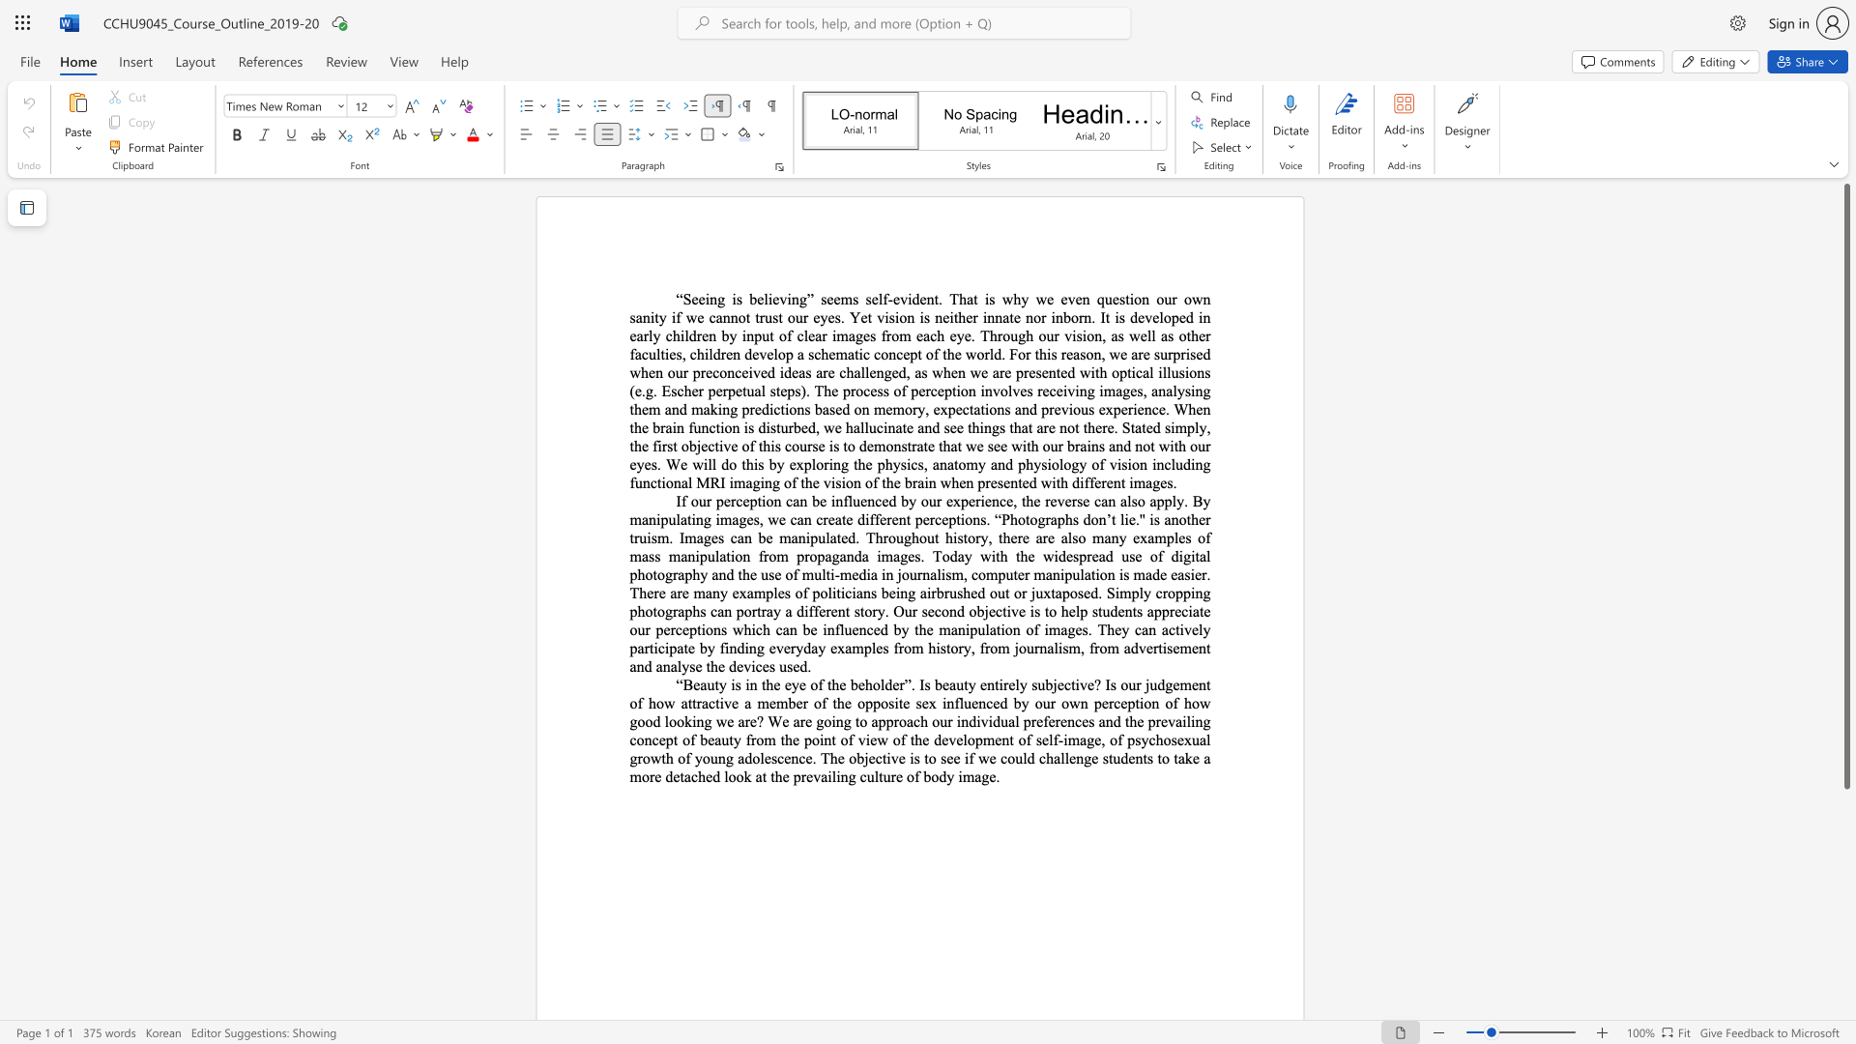 This screenshot has width=1856, height=1044. I want to click on the scrollbar to scroll the page down, so click(1845, 957).